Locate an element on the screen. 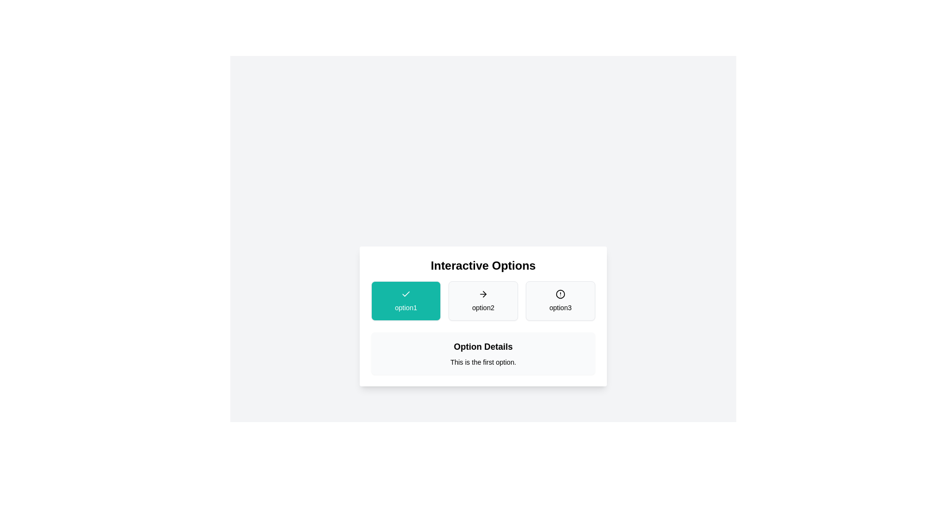 The height and width of the screenshot is (521, 927). the button labeled 'option3' is located at coordinates (561, 301).